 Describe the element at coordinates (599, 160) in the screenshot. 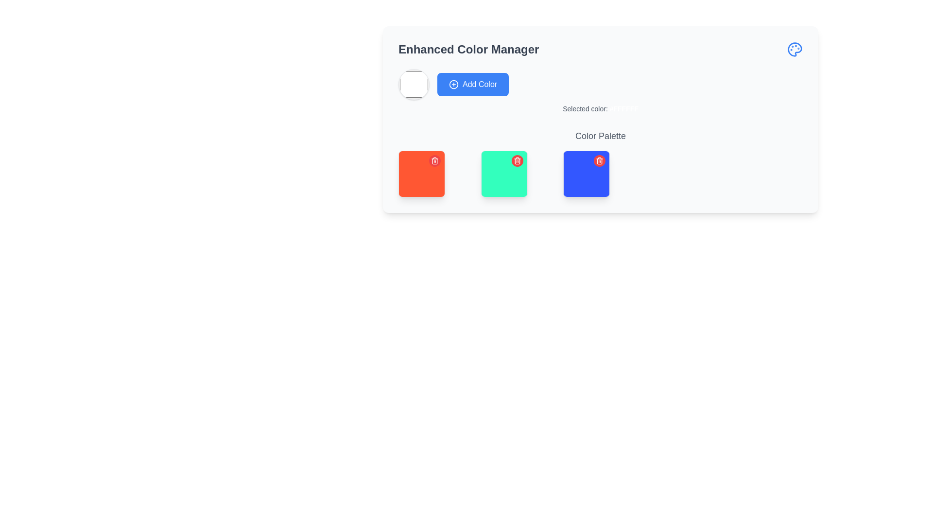

I see `the delete button located in the top-right corner of the blue color card` at that location.